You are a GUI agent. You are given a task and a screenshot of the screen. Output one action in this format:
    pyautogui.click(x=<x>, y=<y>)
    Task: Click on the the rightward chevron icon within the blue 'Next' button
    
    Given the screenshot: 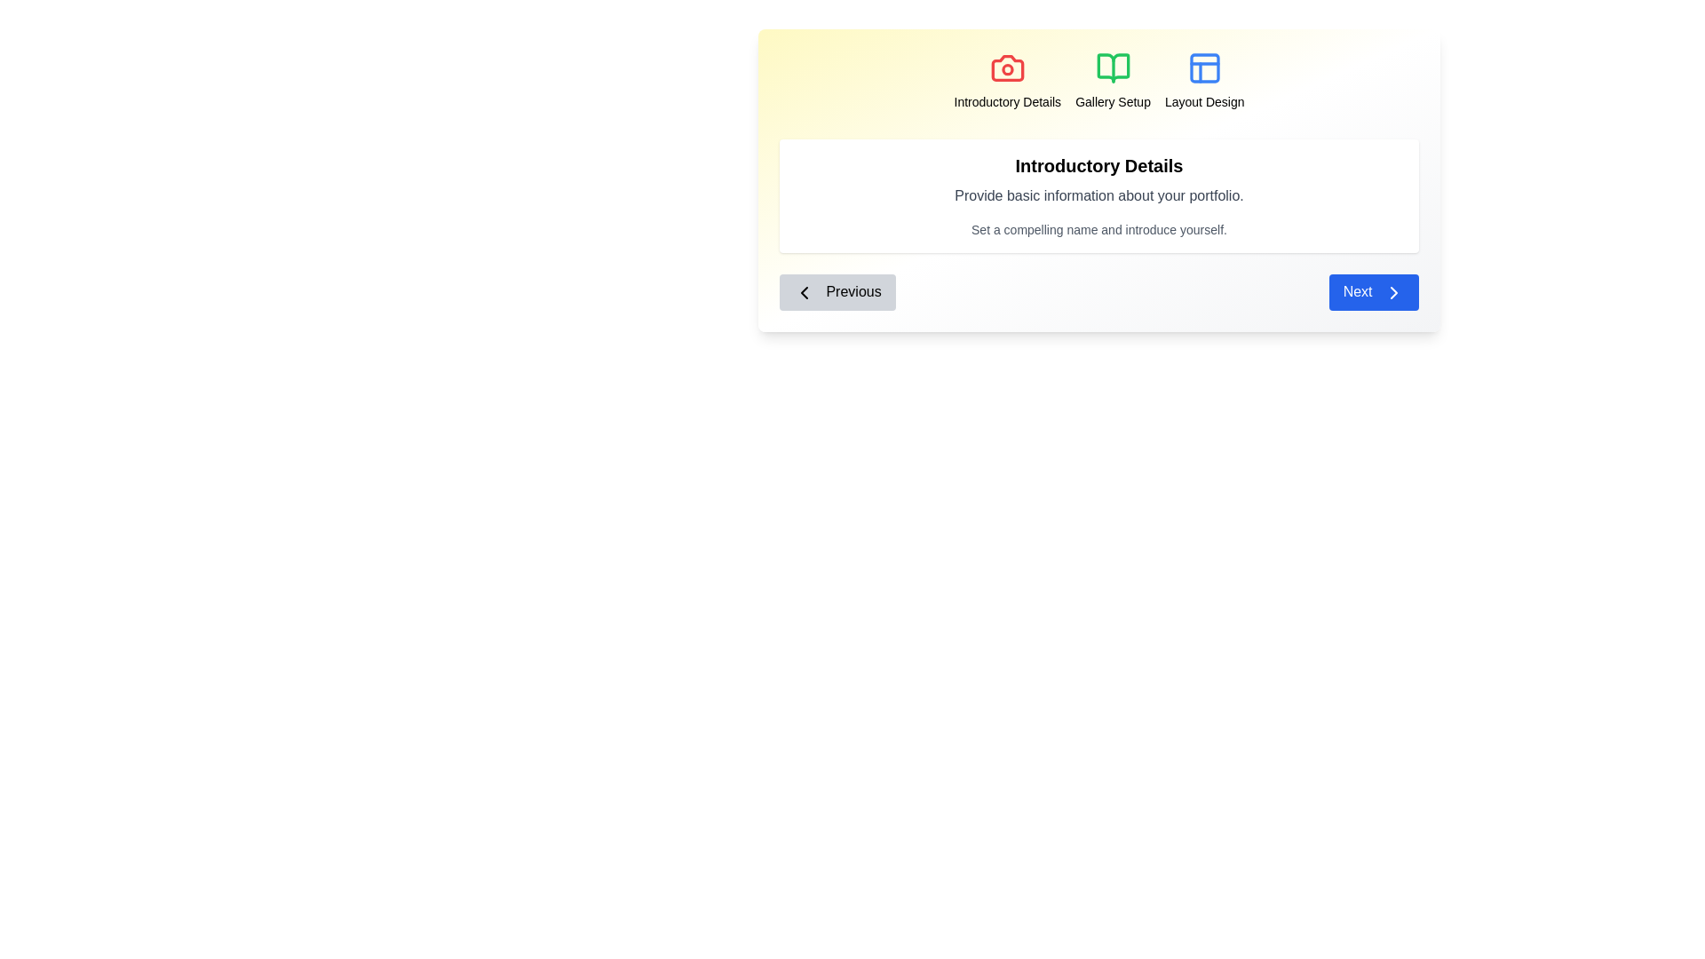 What is the action you would take?
    pyautogui.click(x=1392, y=290)
    